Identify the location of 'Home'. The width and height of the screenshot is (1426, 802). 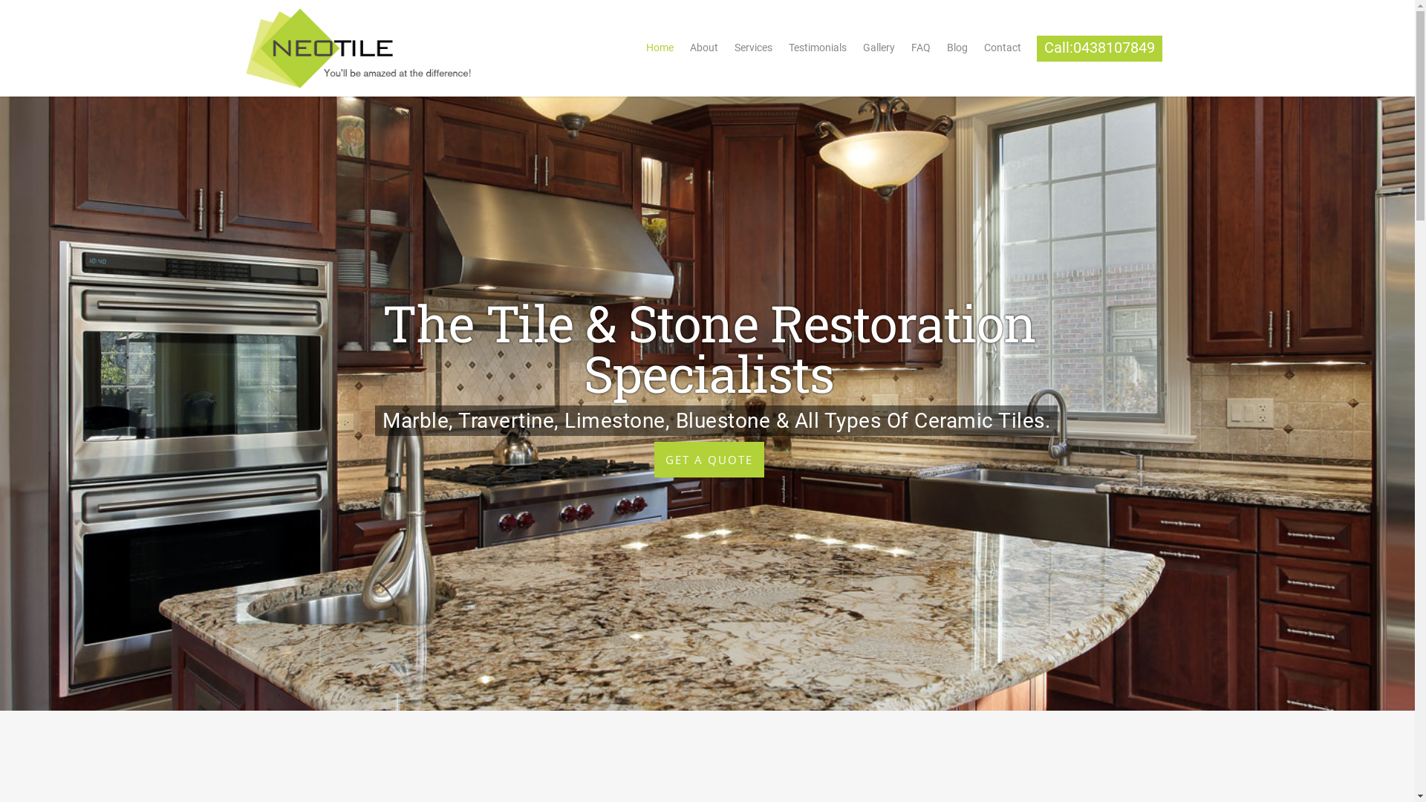
(638, 50).